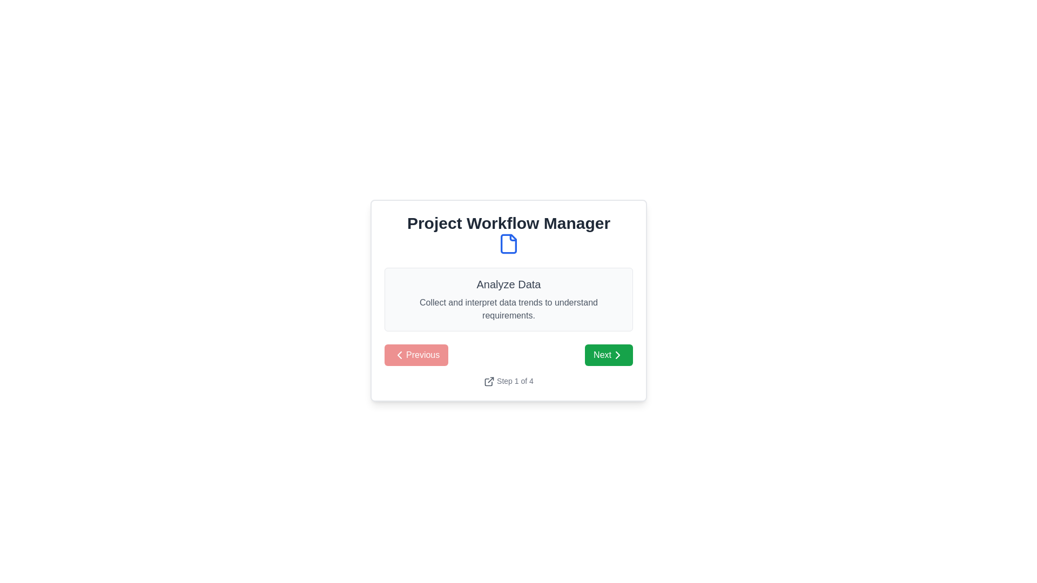  What do you see at coordinates (609, 355) in the screenshot?
I see `the navigational button located on the rightmost side below the central informational display` at bounding box center [609, 355].